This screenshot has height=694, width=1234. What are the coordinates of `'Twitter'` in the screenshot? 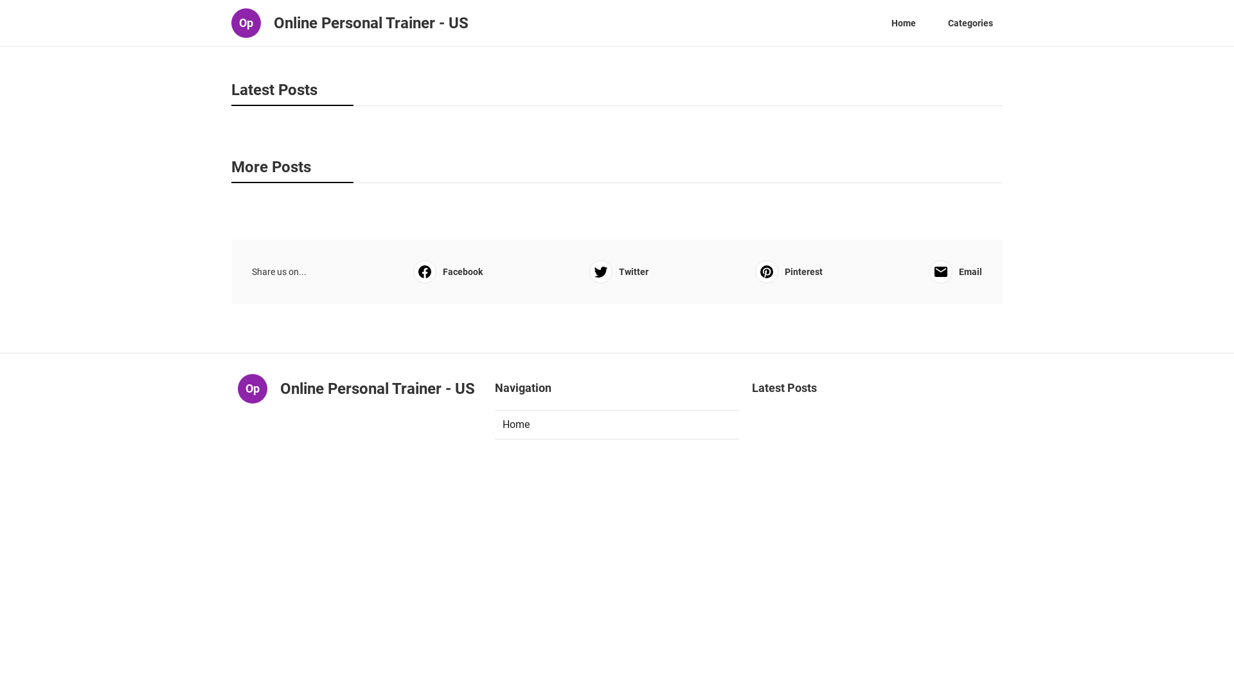 It's located at (619, 271).